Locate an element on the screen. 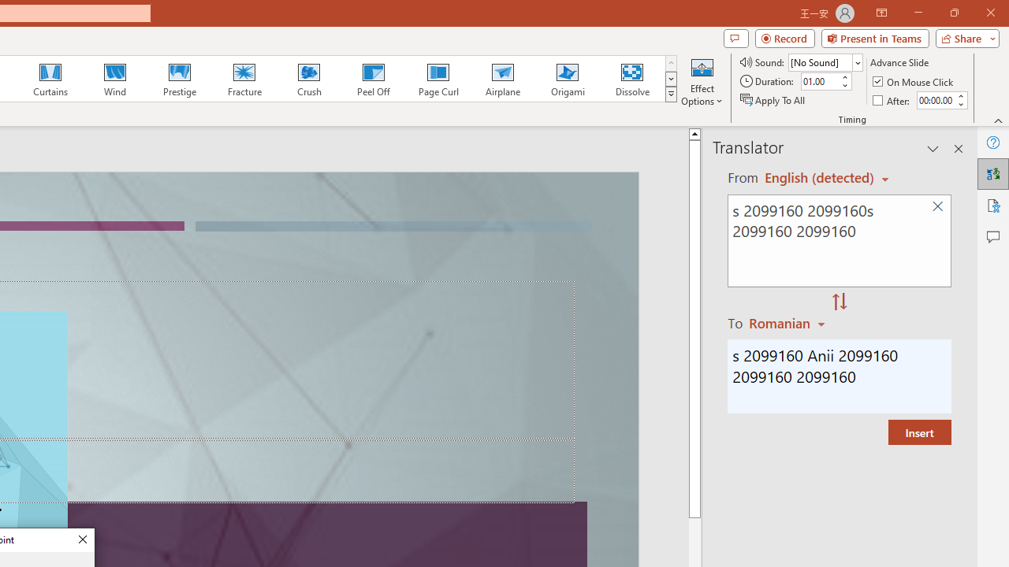 This screenshot has width=1009, height=567. 'Airplane' is located at coordinates (501, 79).